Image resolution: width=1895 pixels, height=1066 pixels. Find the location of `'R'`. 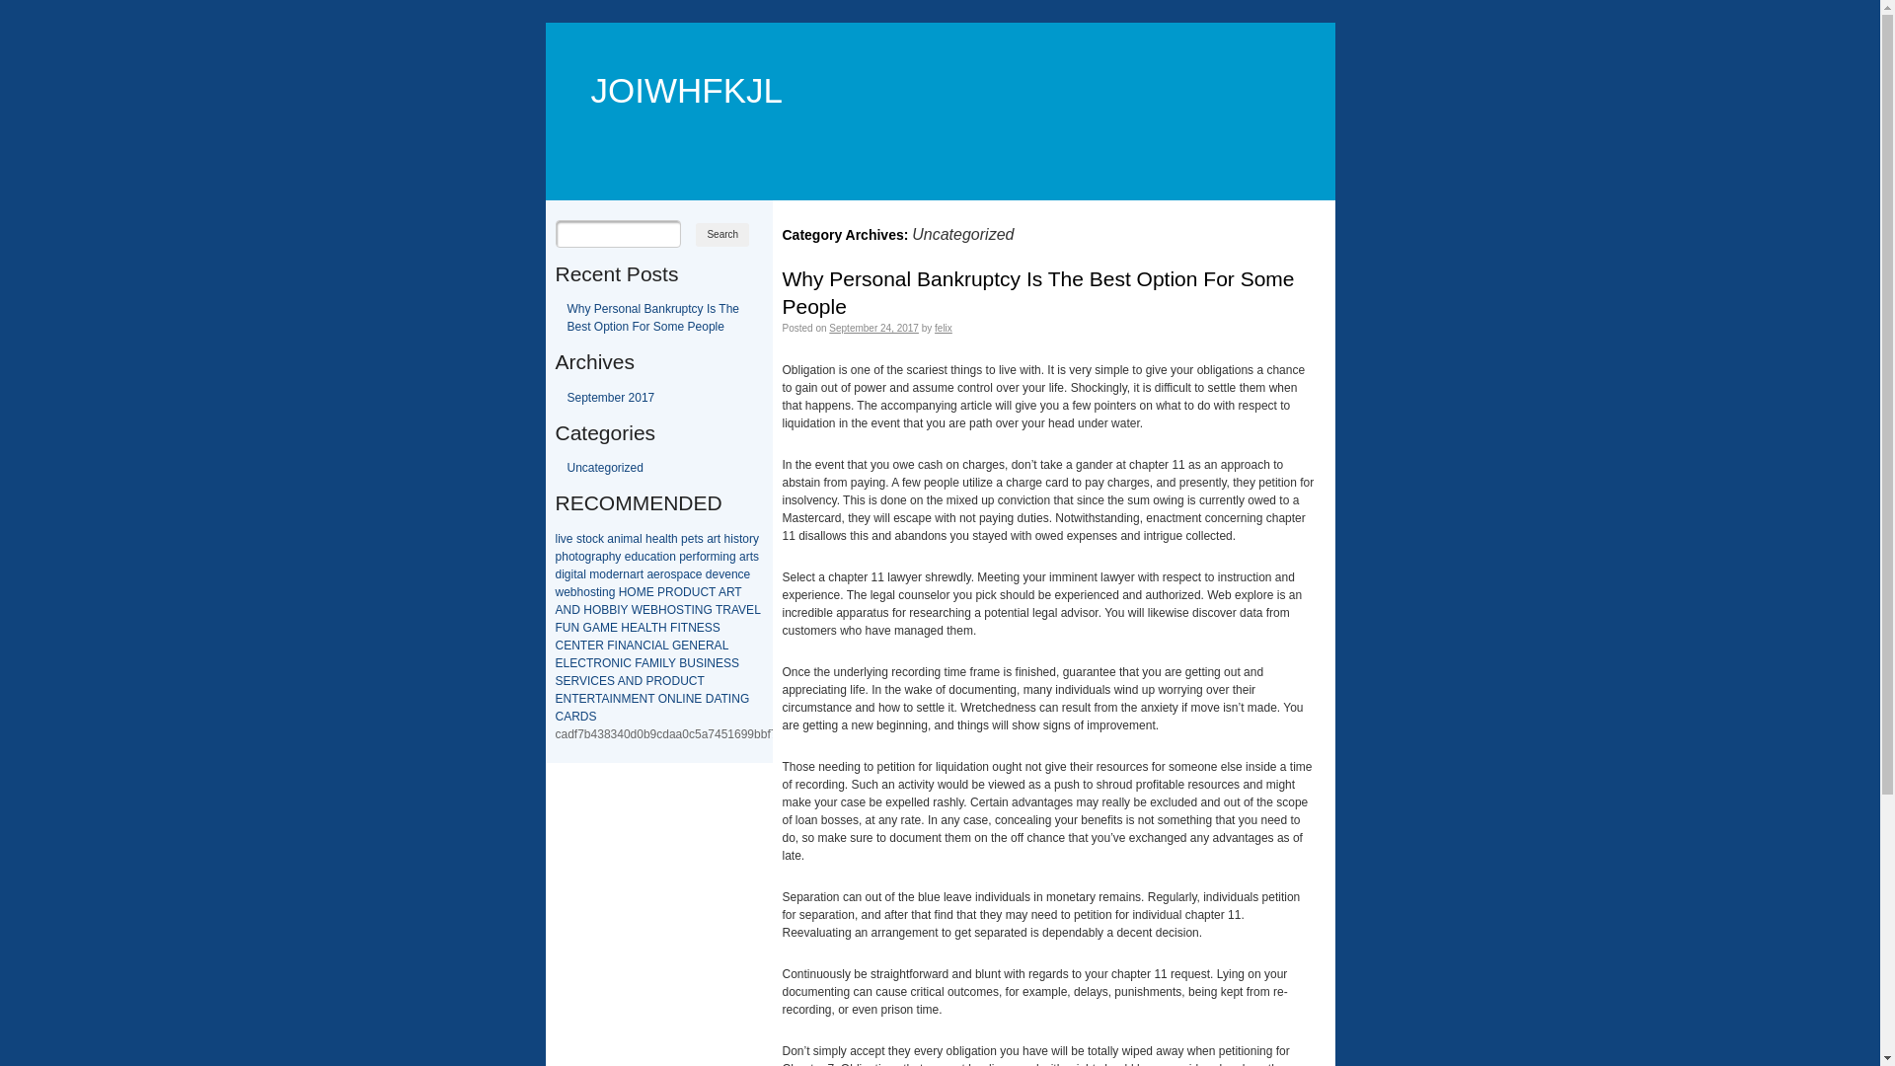

'R' is located at coordinates (598, 646).